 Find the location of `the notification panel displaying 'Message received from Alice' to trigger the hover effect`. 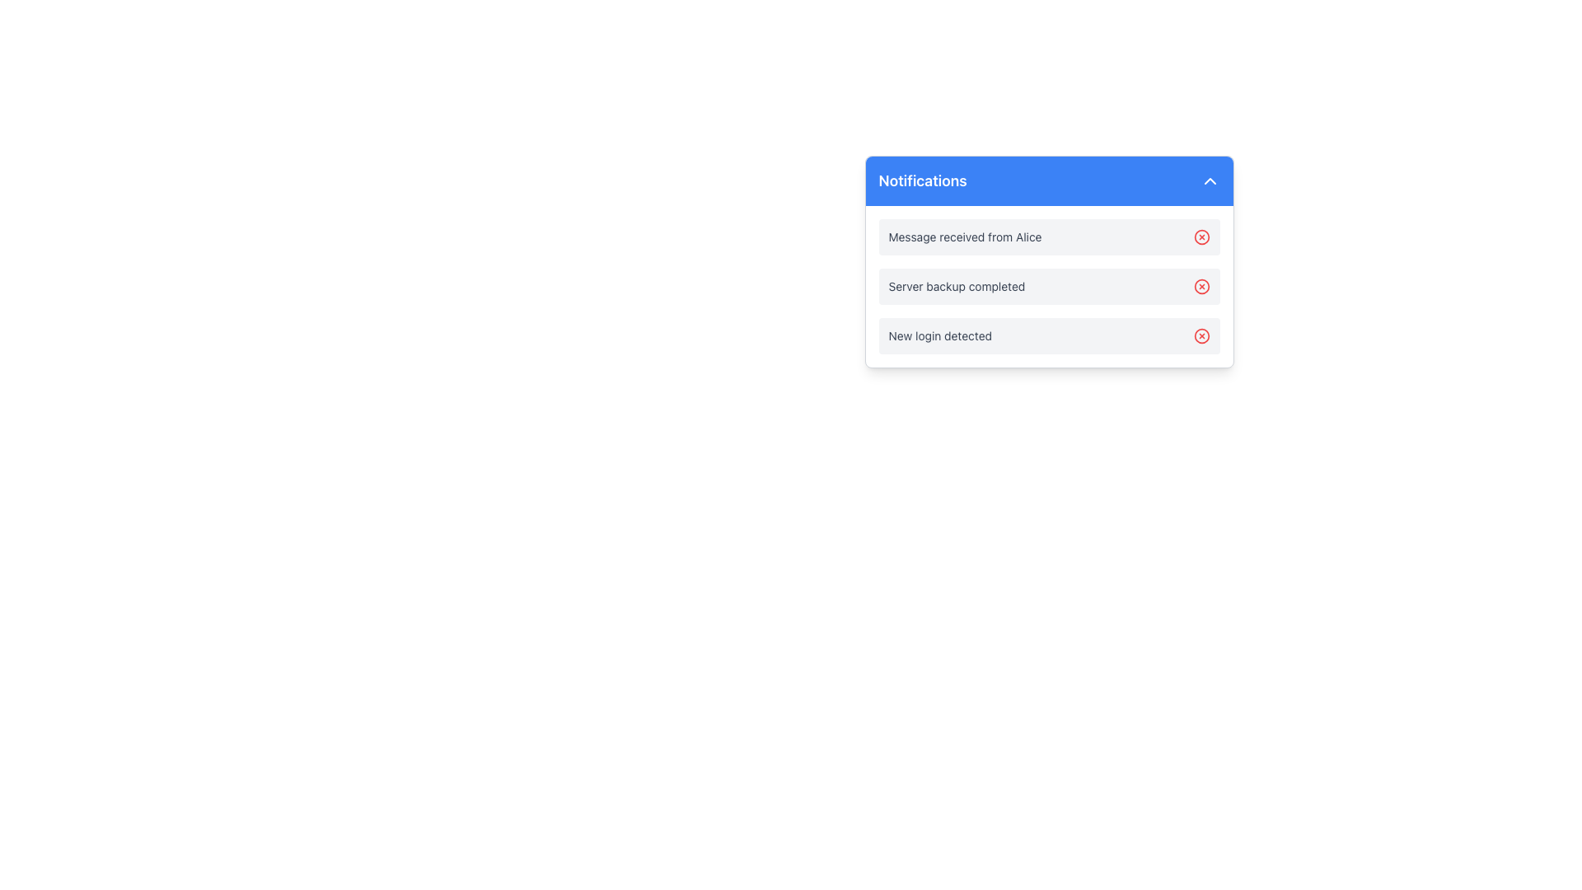

the notification panel displaying 'Message received from Alice' to trigger the hover effect is located at coordinates (1048, 237).